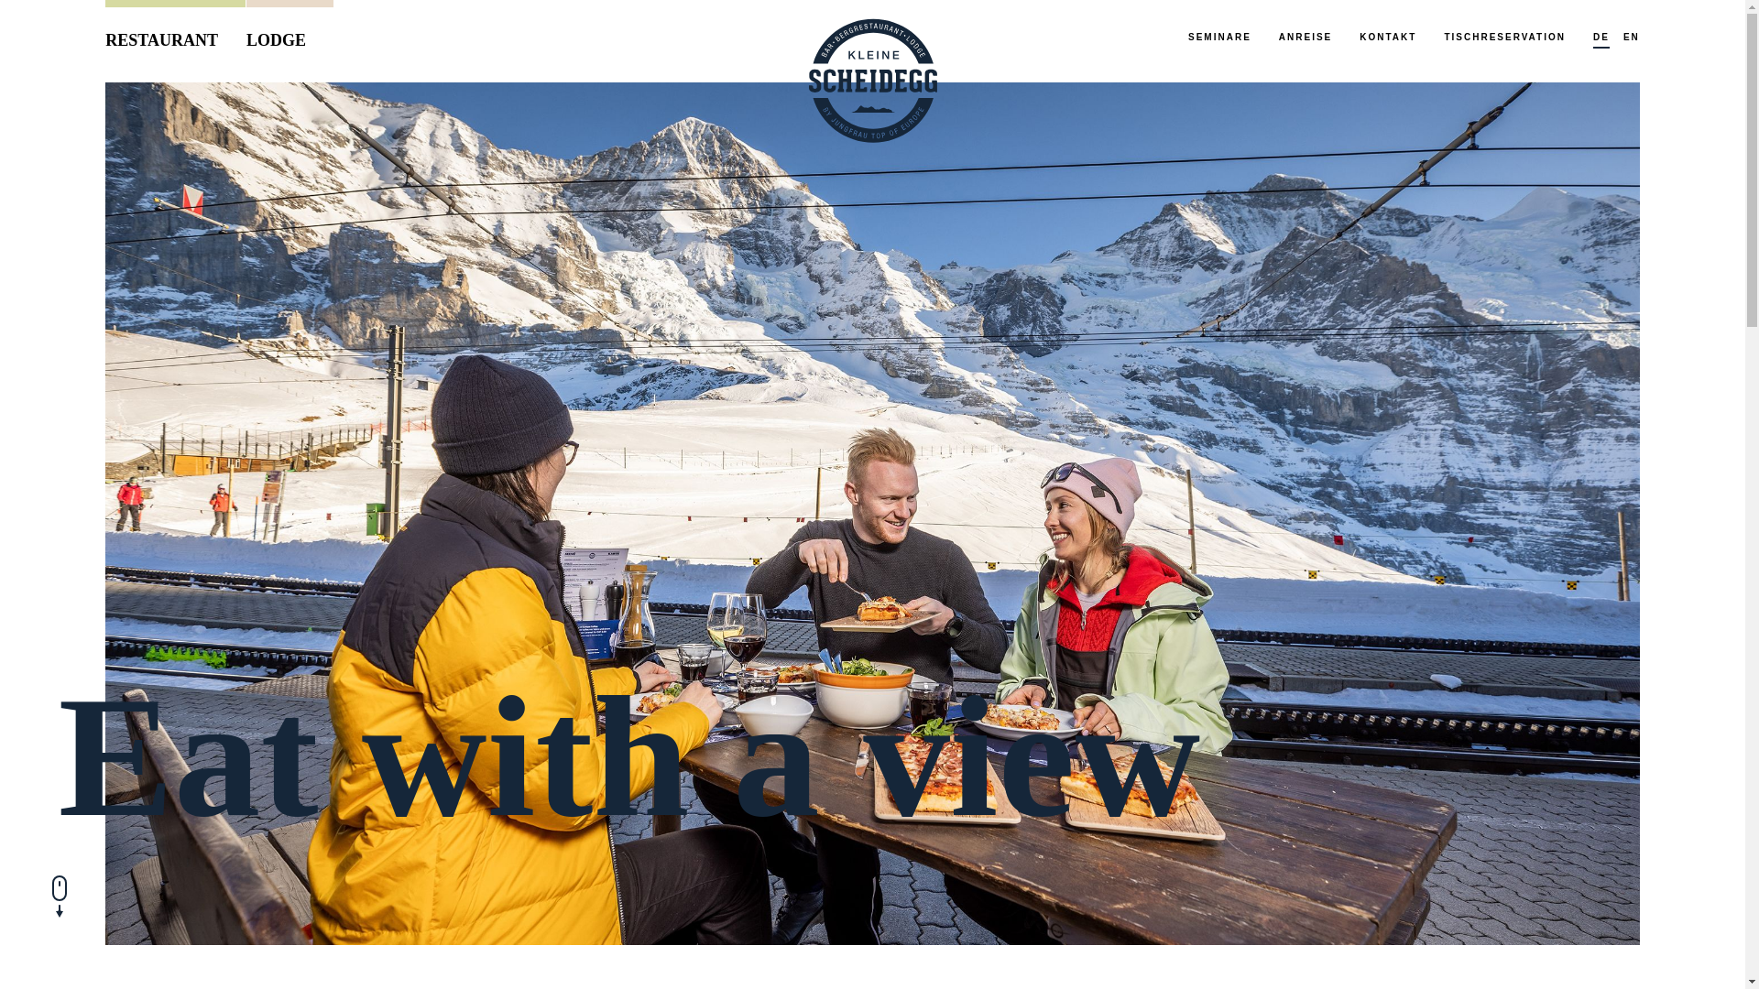  Describe the element at coordinates (1305, 38) in the screenshot. I see `'ANREISE'` at that location.